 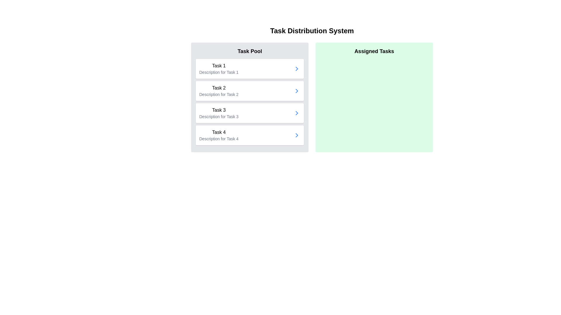 I want to click on the chevron arrow icon pointing to the right, located at the far-right side of the list item for 'Task 2' in the 'Task Pool' section, so click(x=297, y=91).